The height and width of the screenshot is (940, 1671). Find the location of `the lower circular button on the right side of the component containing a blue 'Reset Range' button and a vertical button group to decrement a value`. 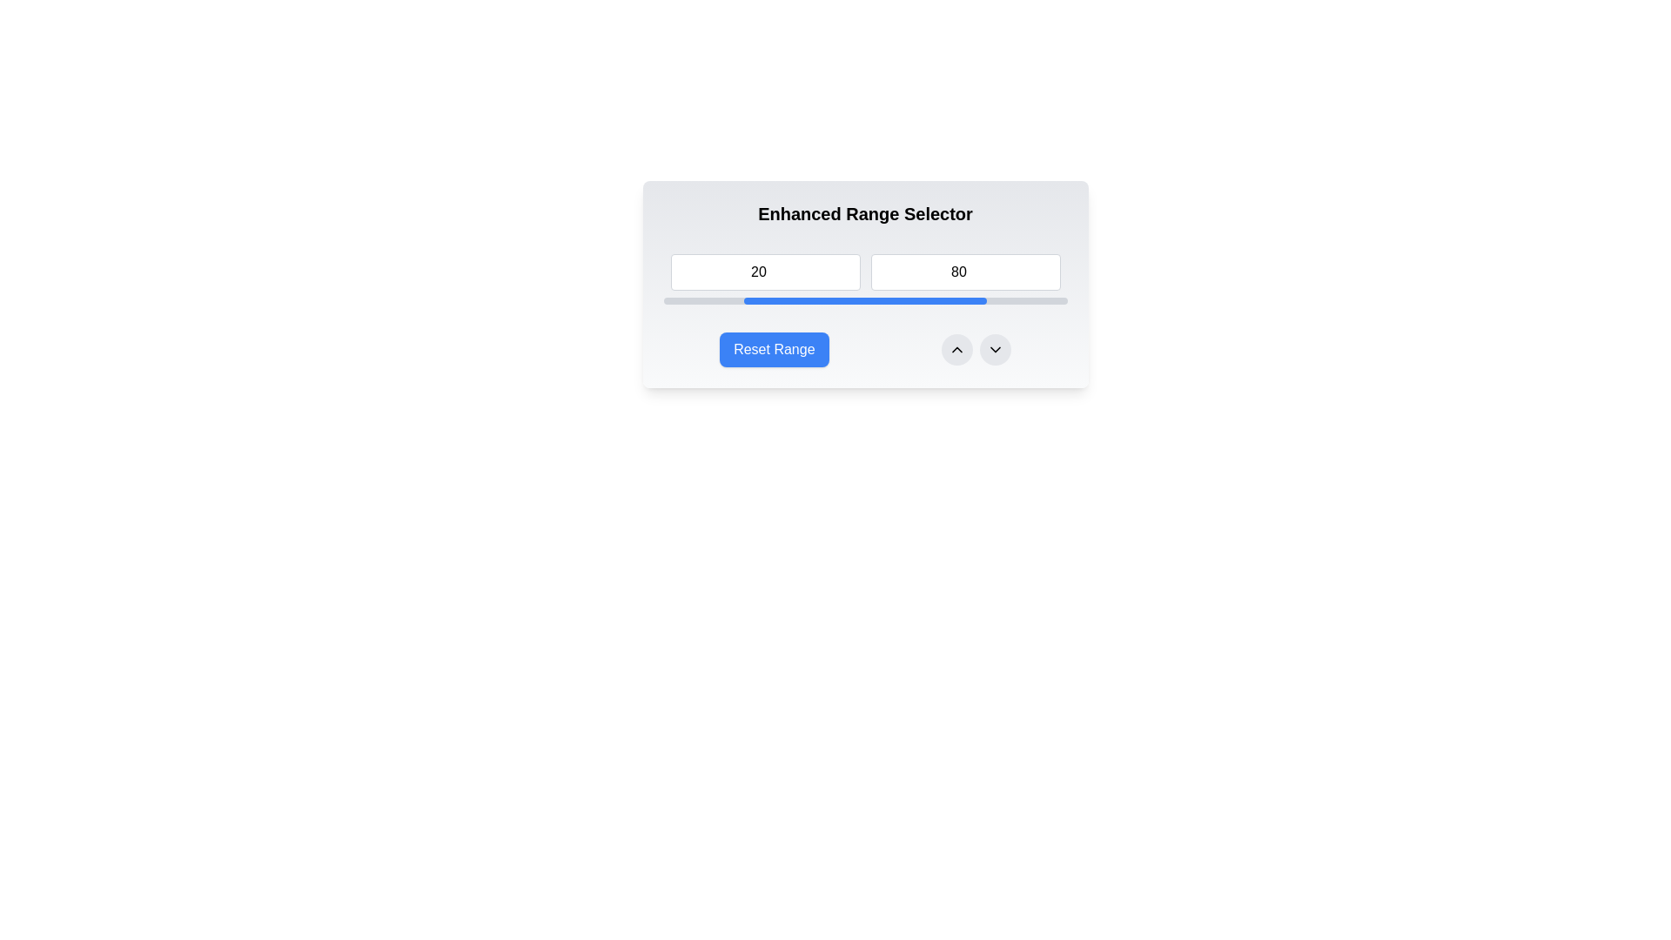

the lower circular button on the right side of the component containing a blue 'Reset Range' button and a vertical button group to decrement a value is located at coordinates (865, 349).